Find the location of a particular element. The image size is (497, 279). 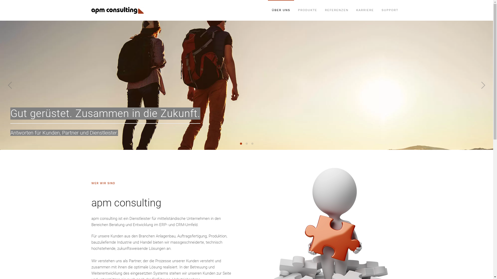

'REFERENZEN' is located at coordinates (337, 10).